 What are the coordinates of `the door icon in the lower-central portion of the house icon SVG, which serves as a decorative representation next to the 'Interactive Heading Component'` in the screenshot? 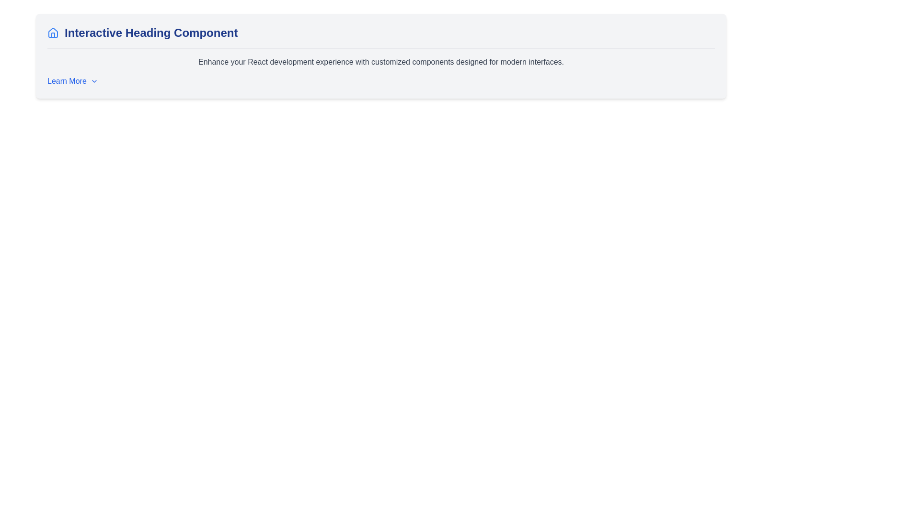 It's located at (52, 34).